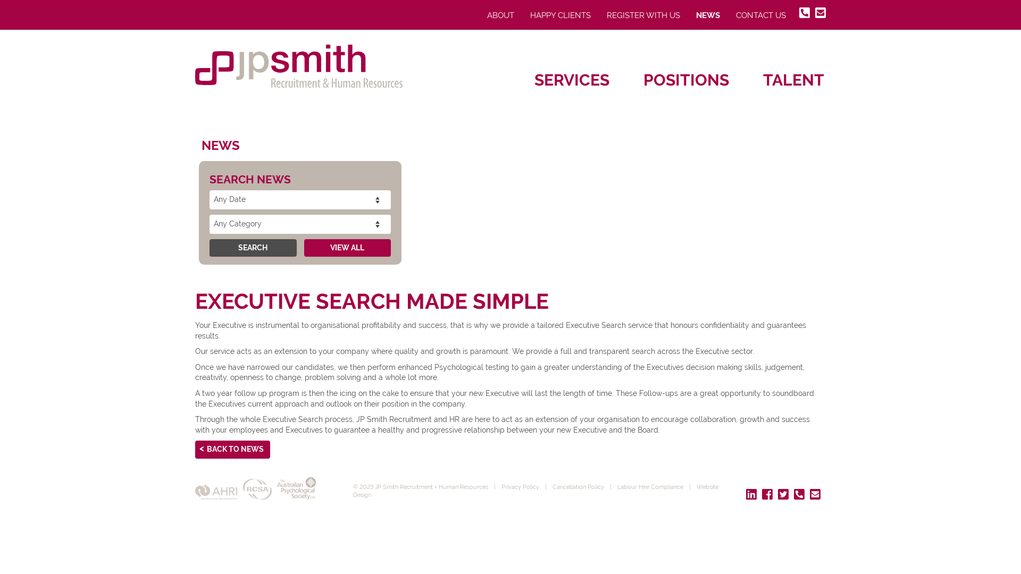  Describe the element at coordinates (252, 248) in the screenshot. I see `'SEARCH'` at that location.